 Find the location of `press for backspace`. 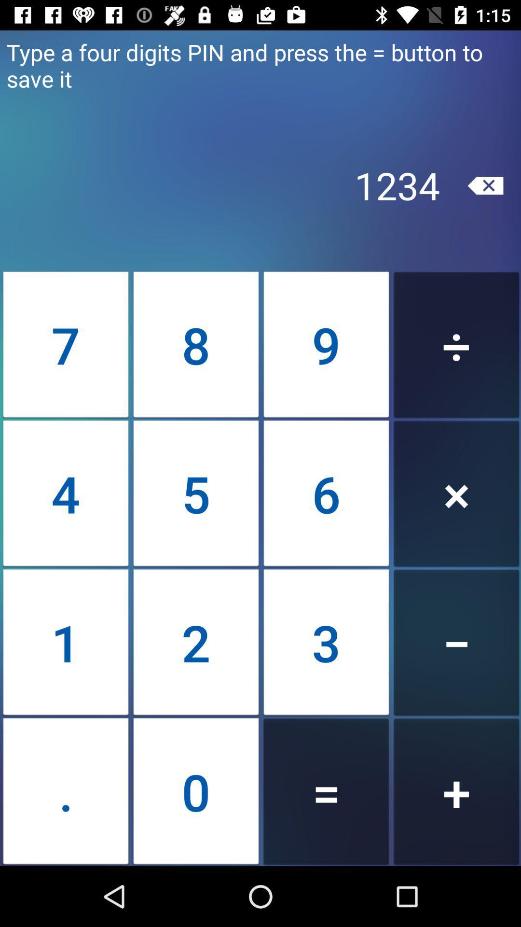

press for backspace is located at coordinates (485, 185).